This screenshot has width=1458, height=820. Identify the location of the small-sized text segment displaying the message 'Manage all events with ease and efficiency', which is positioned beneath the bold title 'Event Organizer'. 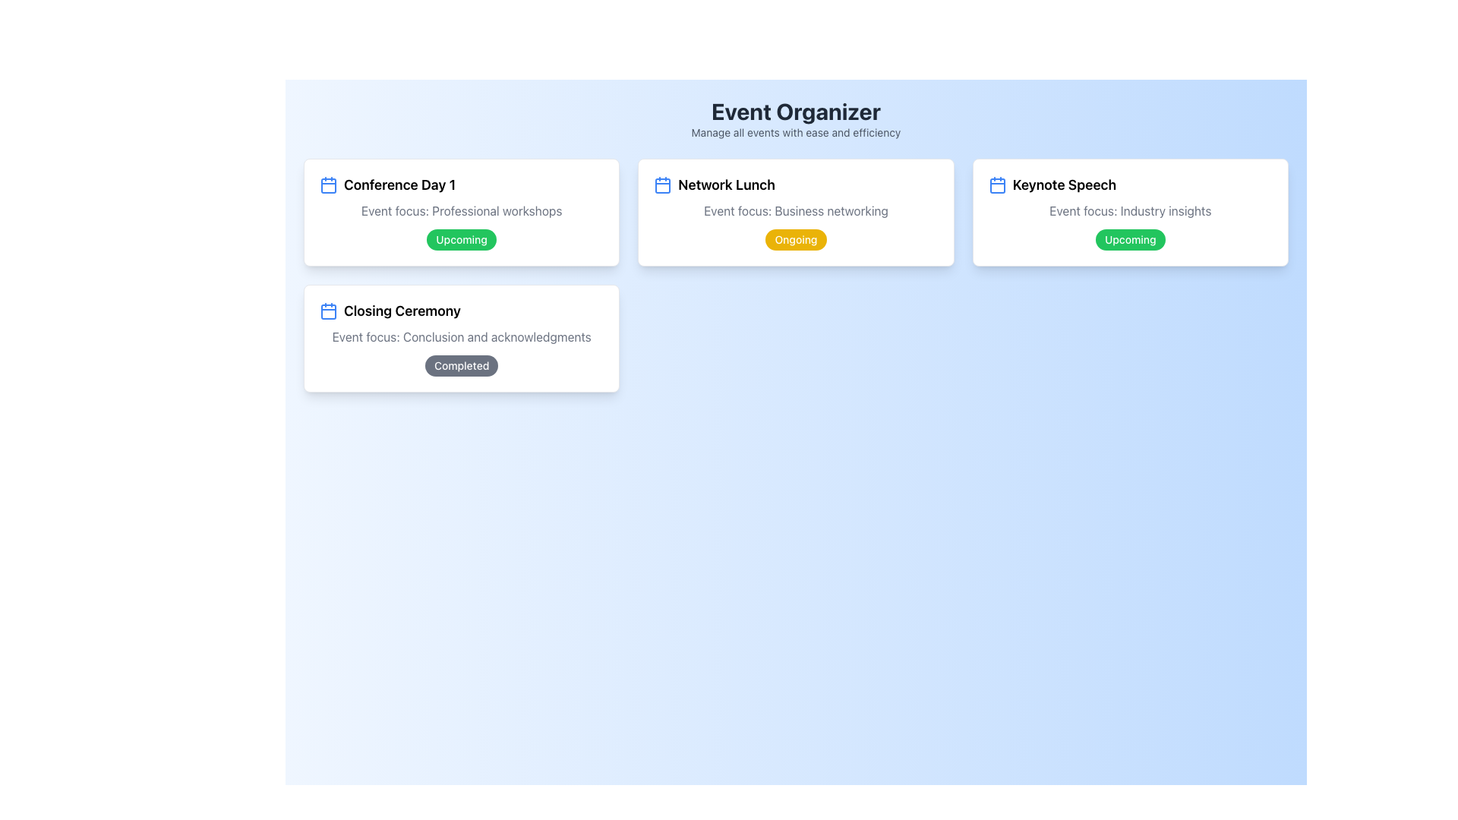
(795, 131).